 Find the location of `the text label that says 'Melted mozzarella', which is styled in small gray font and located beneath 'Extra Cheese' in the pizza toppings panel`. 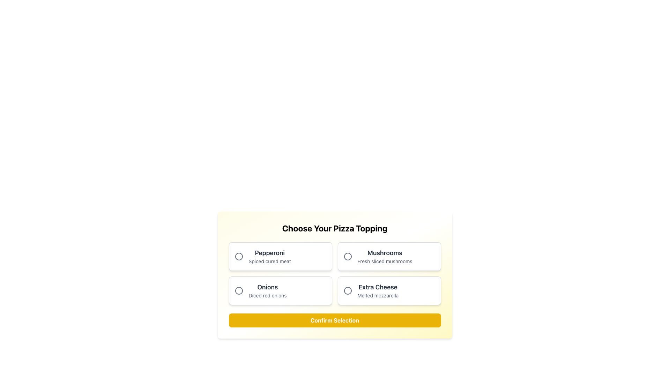

the text label that says 'Melted mozzarella', which is styled in small gray font and located beneath 'Extra Cheese' in the pizza toppings panel is located at coordinates (378, 296).